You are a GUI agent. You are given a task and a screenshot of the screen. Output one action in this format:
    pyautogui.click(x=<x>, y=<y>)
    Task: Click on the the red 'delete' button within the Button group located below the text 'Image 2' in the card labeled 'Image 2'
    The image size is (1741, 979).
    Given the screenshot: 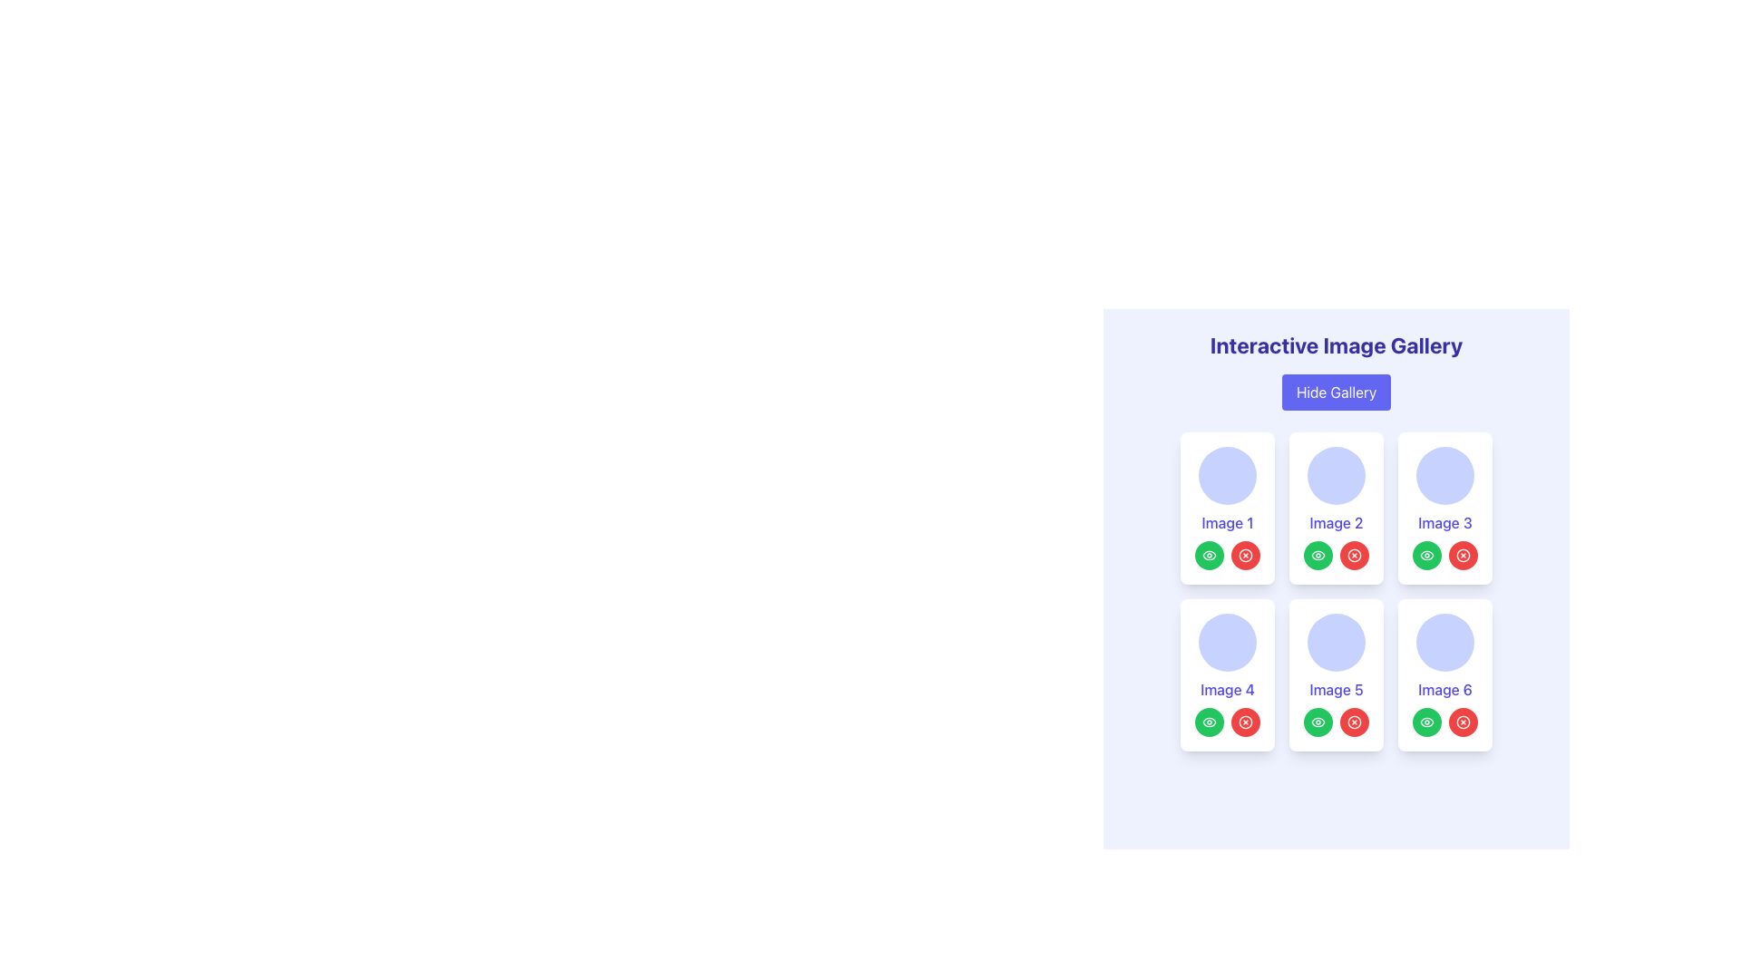 What is the action you would take?
    pyautogui.click(x=1336, y=555)
    